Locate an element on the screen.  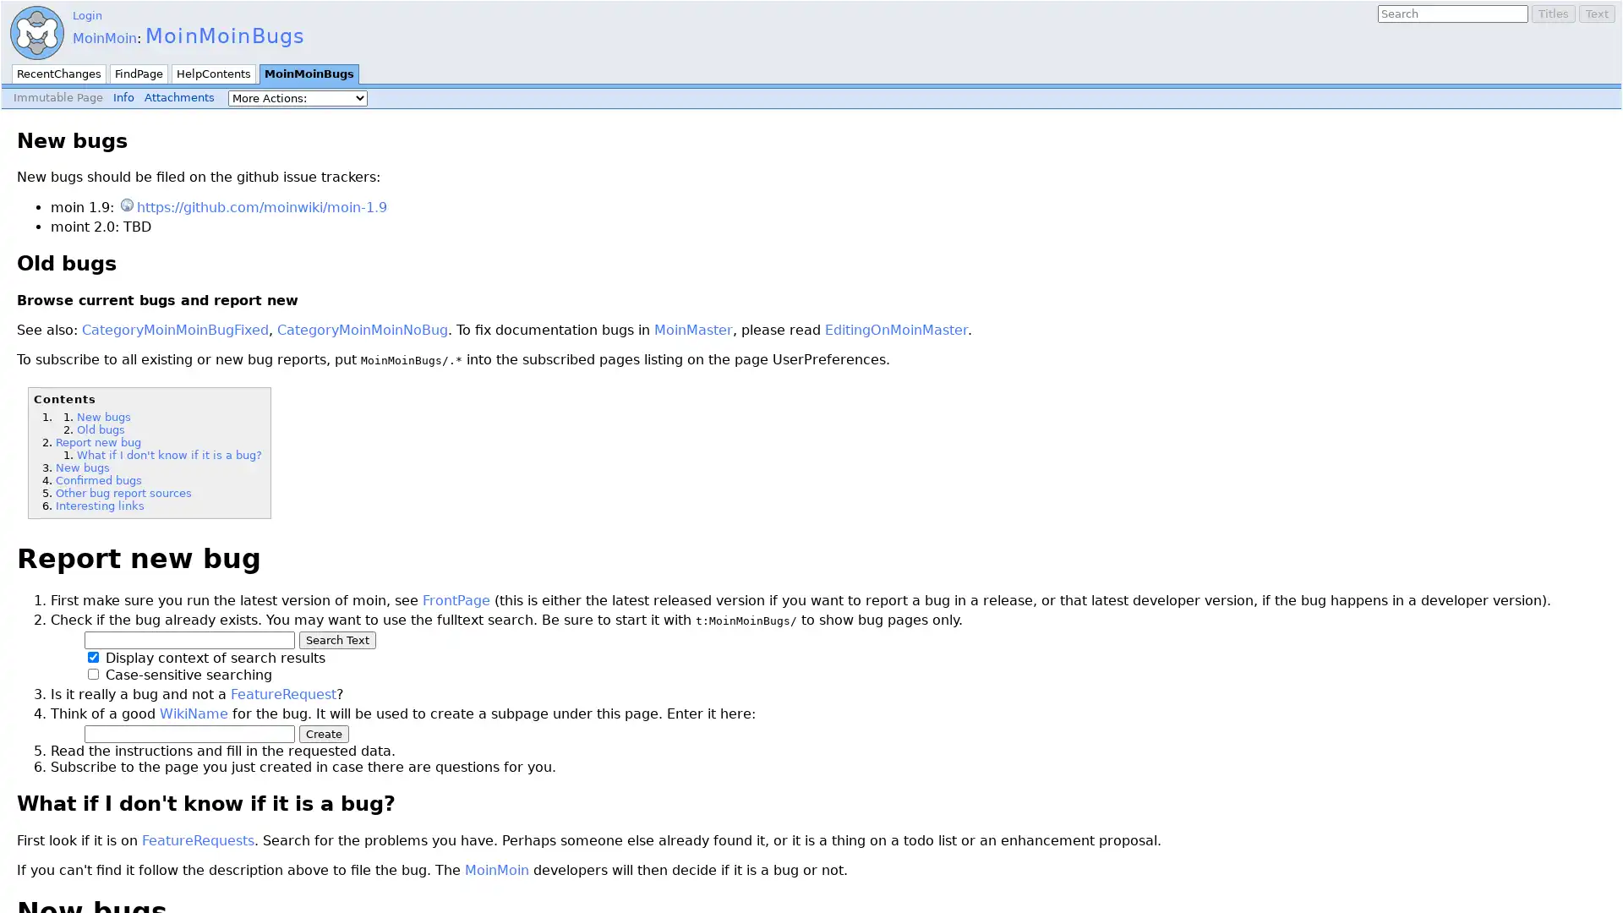
Titles is located at coordinates (1554, 14).